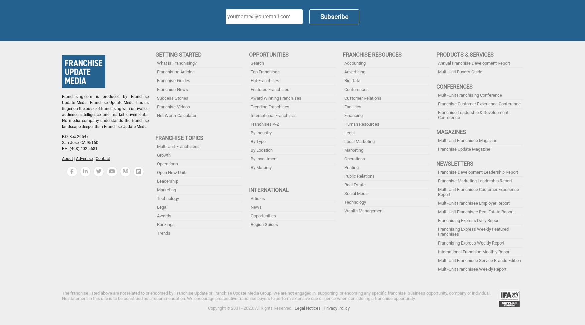  I want to click on 'Rankings', so click(166, 224).